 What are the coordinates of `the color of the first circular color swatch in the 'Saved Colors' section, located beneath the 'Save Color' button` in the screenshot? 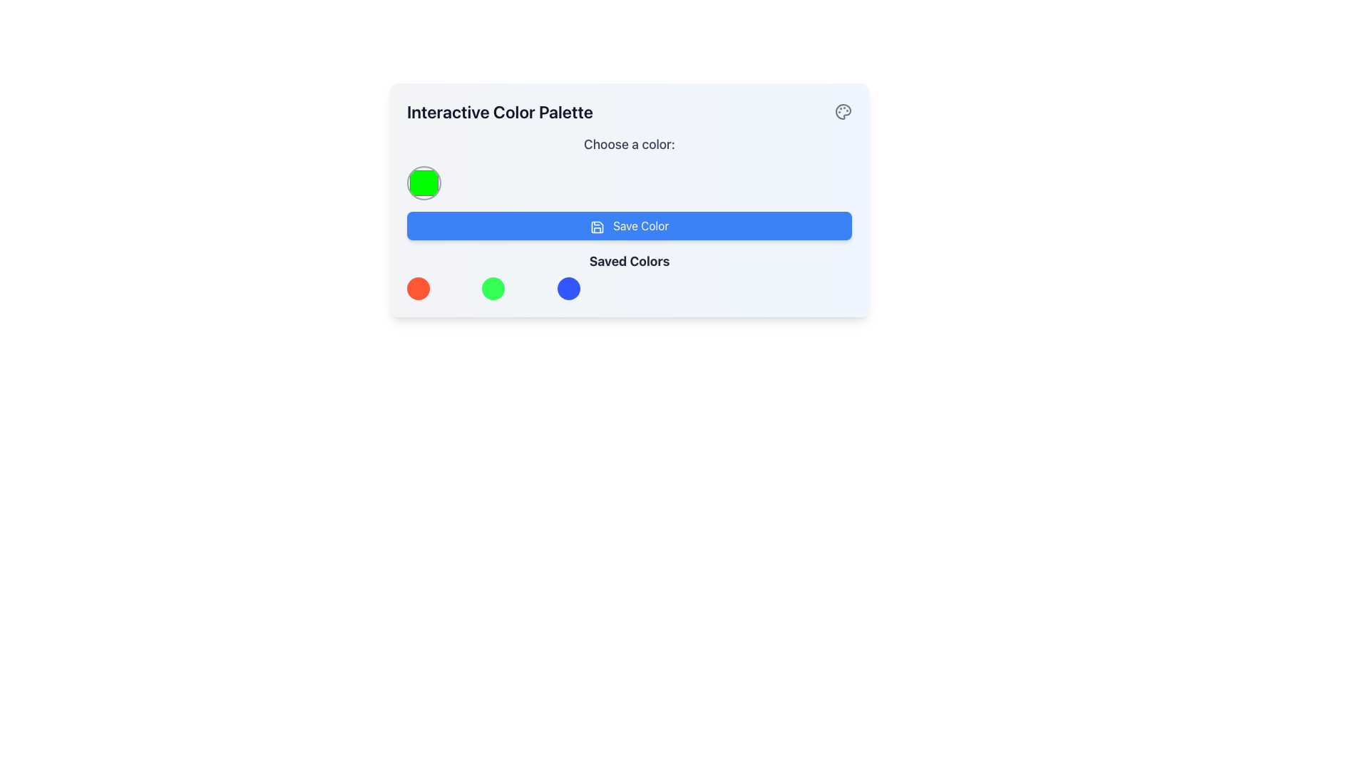 It's located at (417, 289).